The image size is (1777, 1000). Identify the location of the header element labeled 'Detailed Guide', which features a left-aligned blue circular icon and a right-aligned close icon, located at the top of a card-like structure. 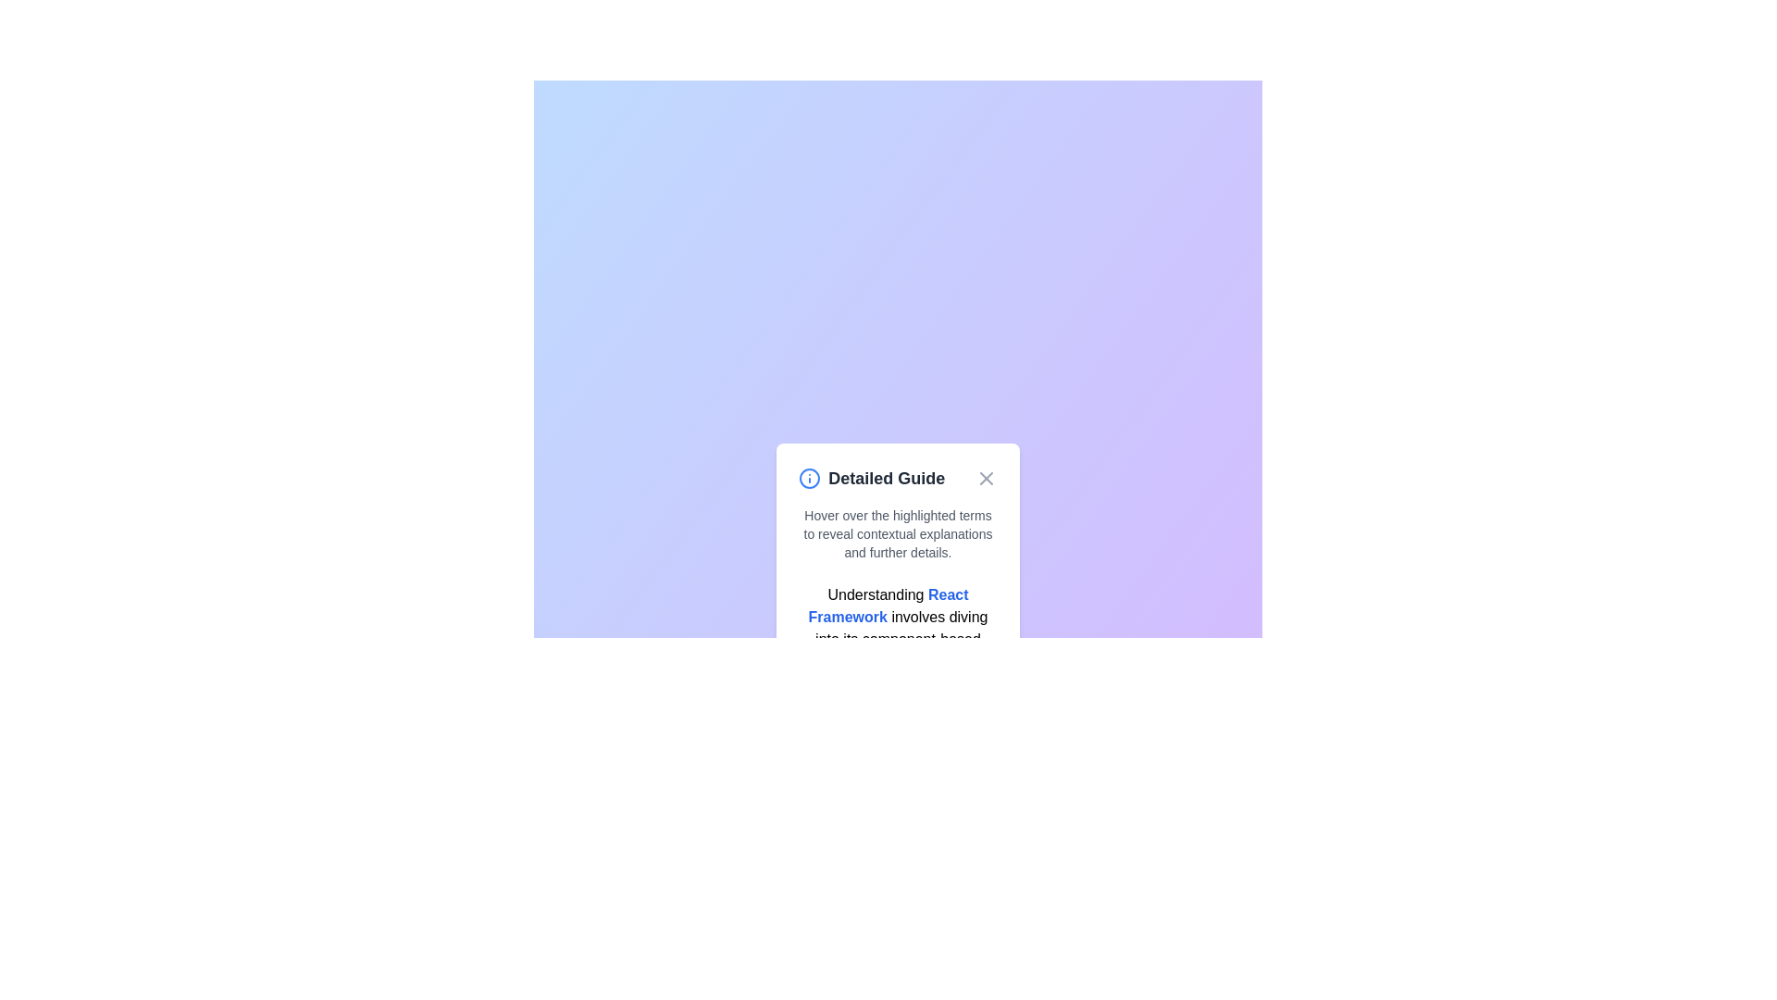
(898, 477).